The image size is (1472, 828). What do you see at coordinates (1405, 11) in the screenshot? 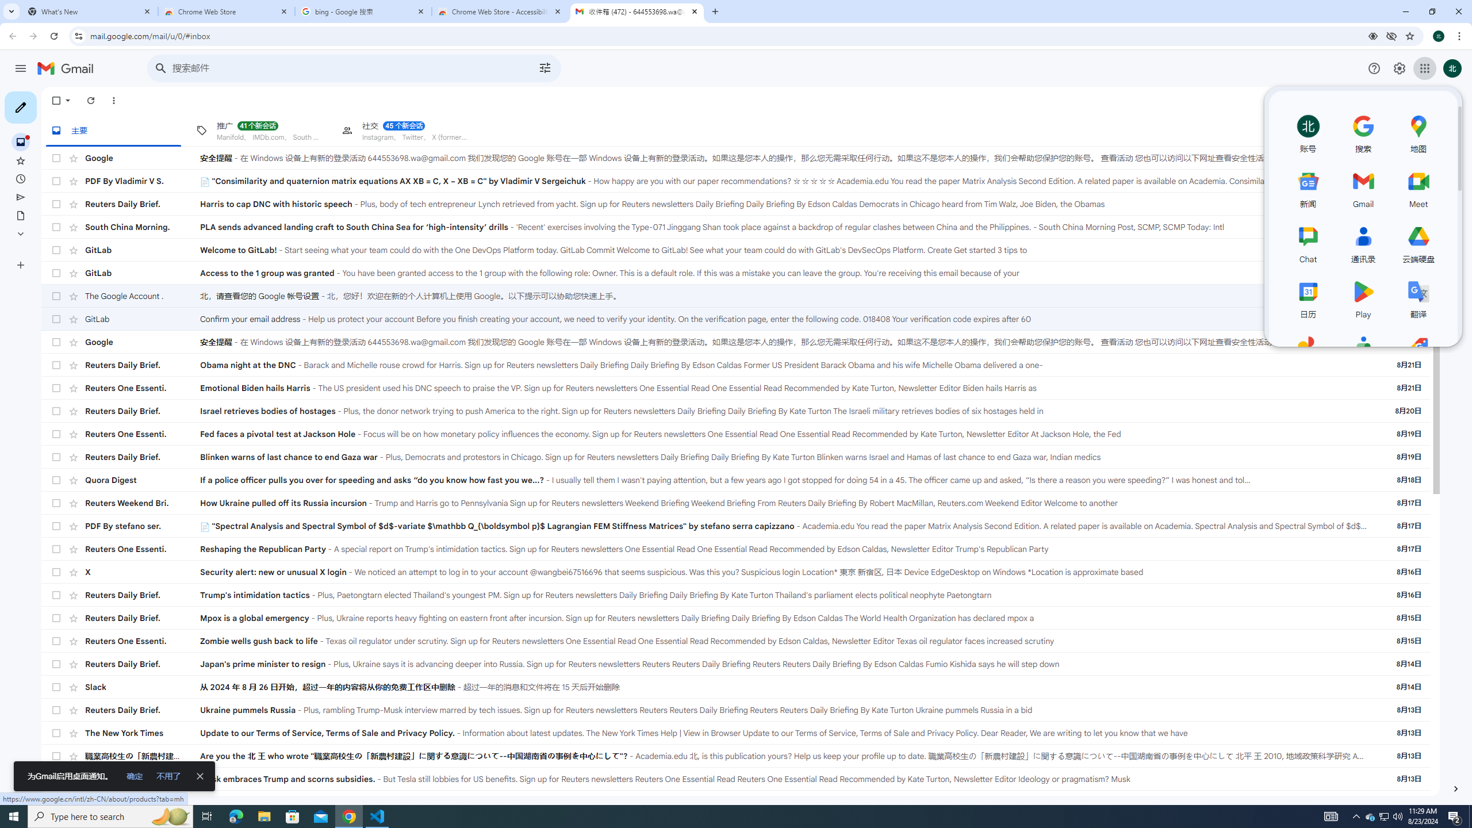
I see `'Minimize'` at bounding box center [1405, 11].